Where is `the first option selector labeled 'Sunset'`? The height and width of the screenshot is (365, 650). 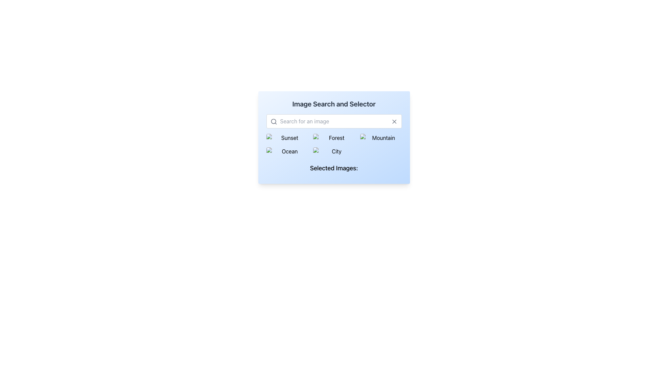
the first option selector labeled 'Sunset' is located at coordinates (287, 138).